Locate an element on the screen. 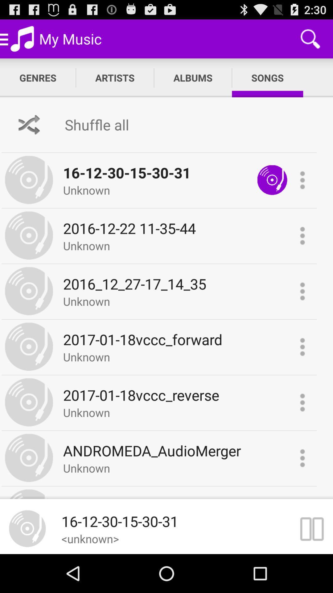  the pause icon is located at coordinates (314, 563).